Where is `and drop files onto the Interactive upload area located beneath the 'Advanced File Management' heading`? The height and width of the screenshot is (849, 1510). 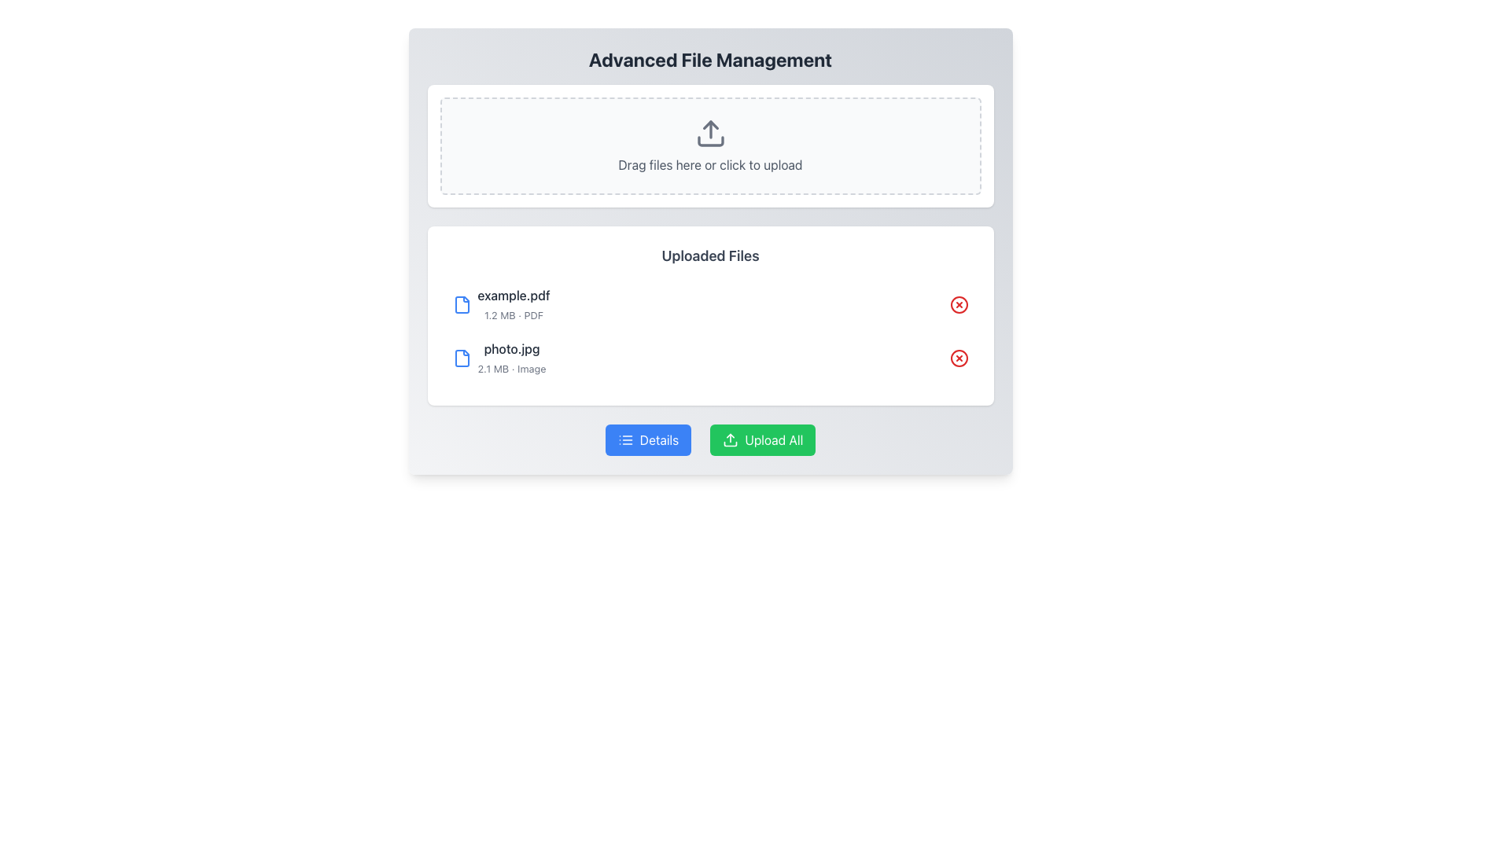 and drop files onto the Interactive upload area located beneath the 'Advanced File Management' heading is located at coordinates (709, 145).